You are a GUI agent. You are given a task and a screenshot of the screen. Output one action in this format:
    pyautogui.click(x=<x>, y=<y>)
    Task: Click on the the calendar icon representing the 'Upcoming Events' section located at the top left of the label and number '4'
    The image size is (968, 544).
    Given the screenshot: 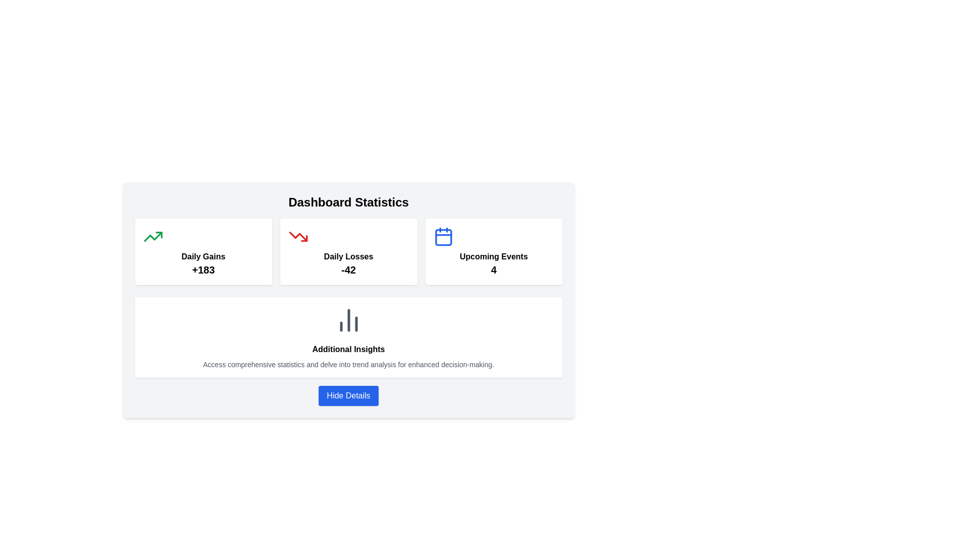 What is the action you would take?
    pyautogui.click(x=443, y=237)
    